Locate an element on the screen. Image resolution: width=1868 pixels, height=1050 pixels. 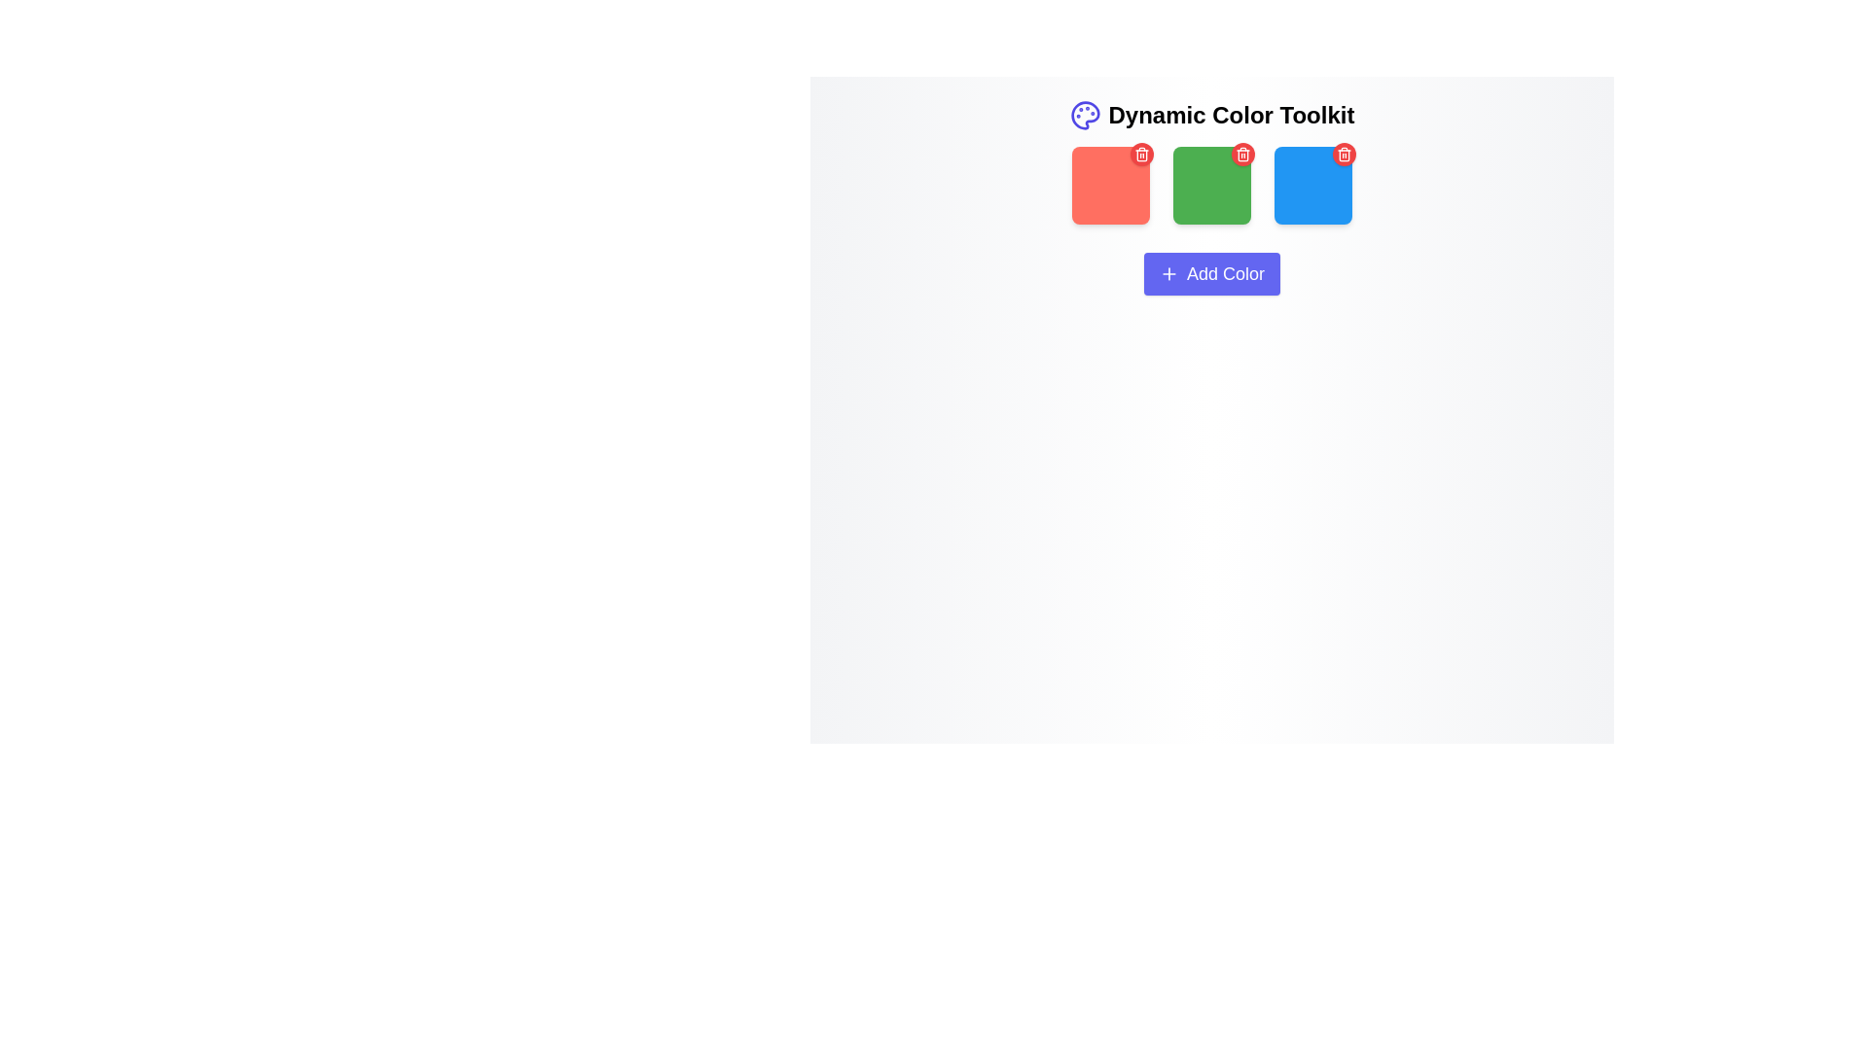
the Header containing the colorful palette icon and the text 'Dynamic Color Toolkit' for navigation is located at coordinates (1211, 116).